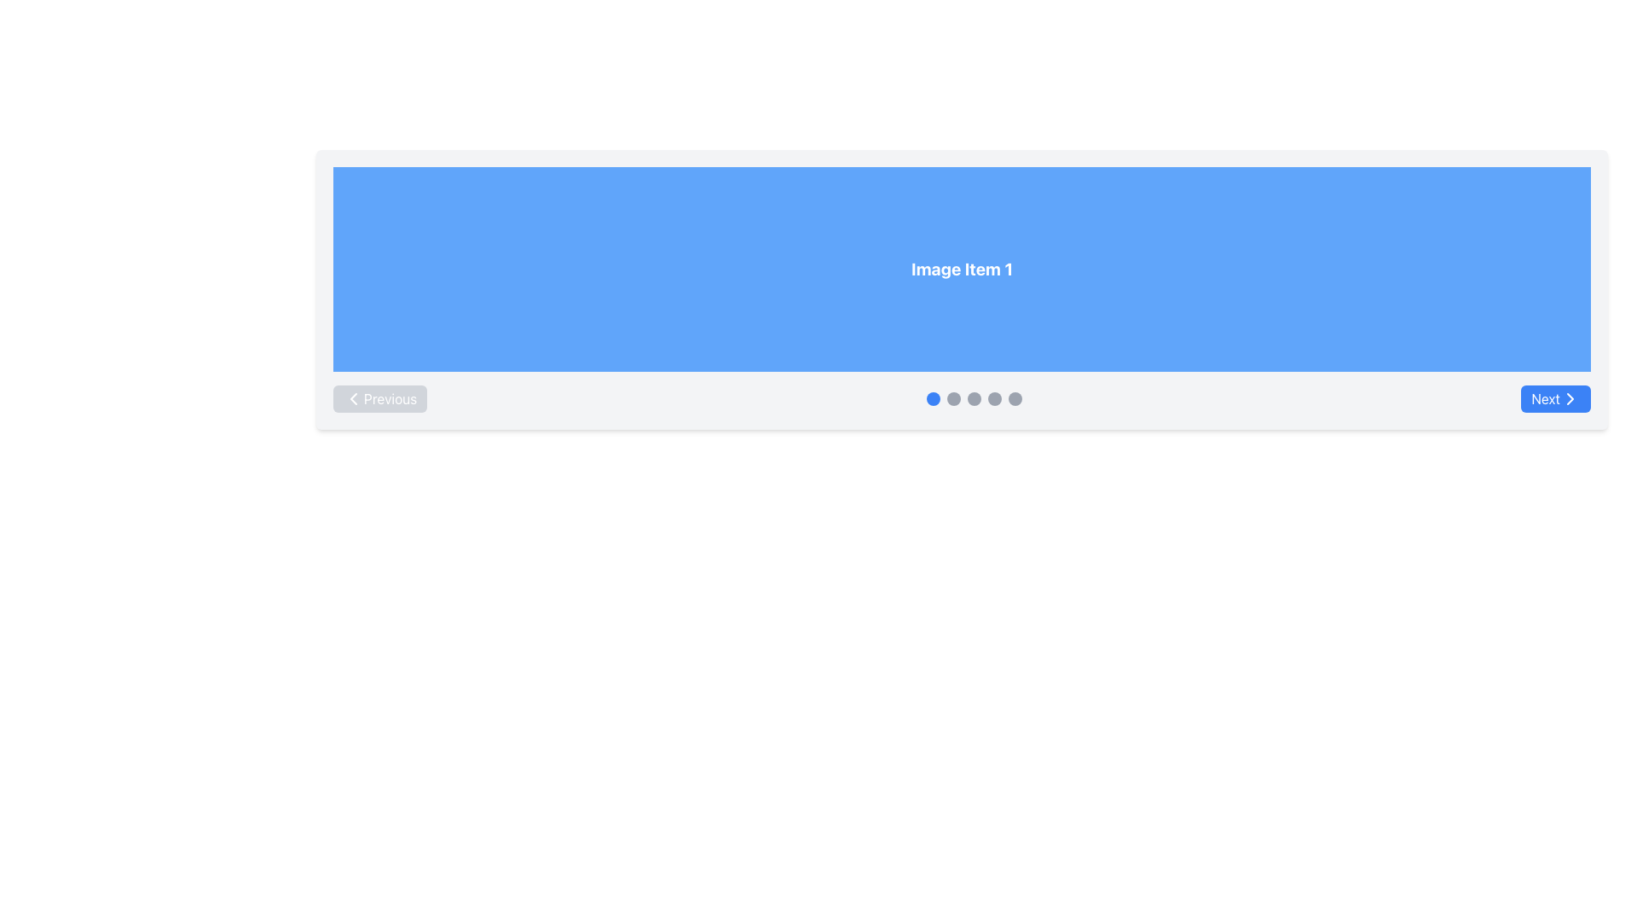 The width and height of the screenshot is (1637, 921). What do you see at coordinates (1015, 398) in the screenshot?
I see `the fifth circular indicator (carousel dot) with a gray background` at bounding box center [1015, 398].